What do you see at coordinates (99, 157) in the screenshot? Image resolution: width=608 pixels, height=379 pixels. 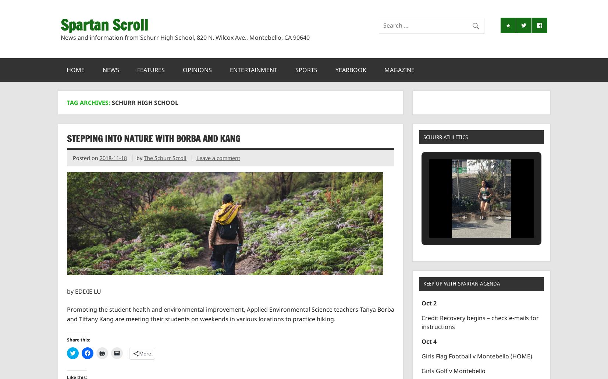 I see `'2018-11-18'` at bounding box center [99, 157].